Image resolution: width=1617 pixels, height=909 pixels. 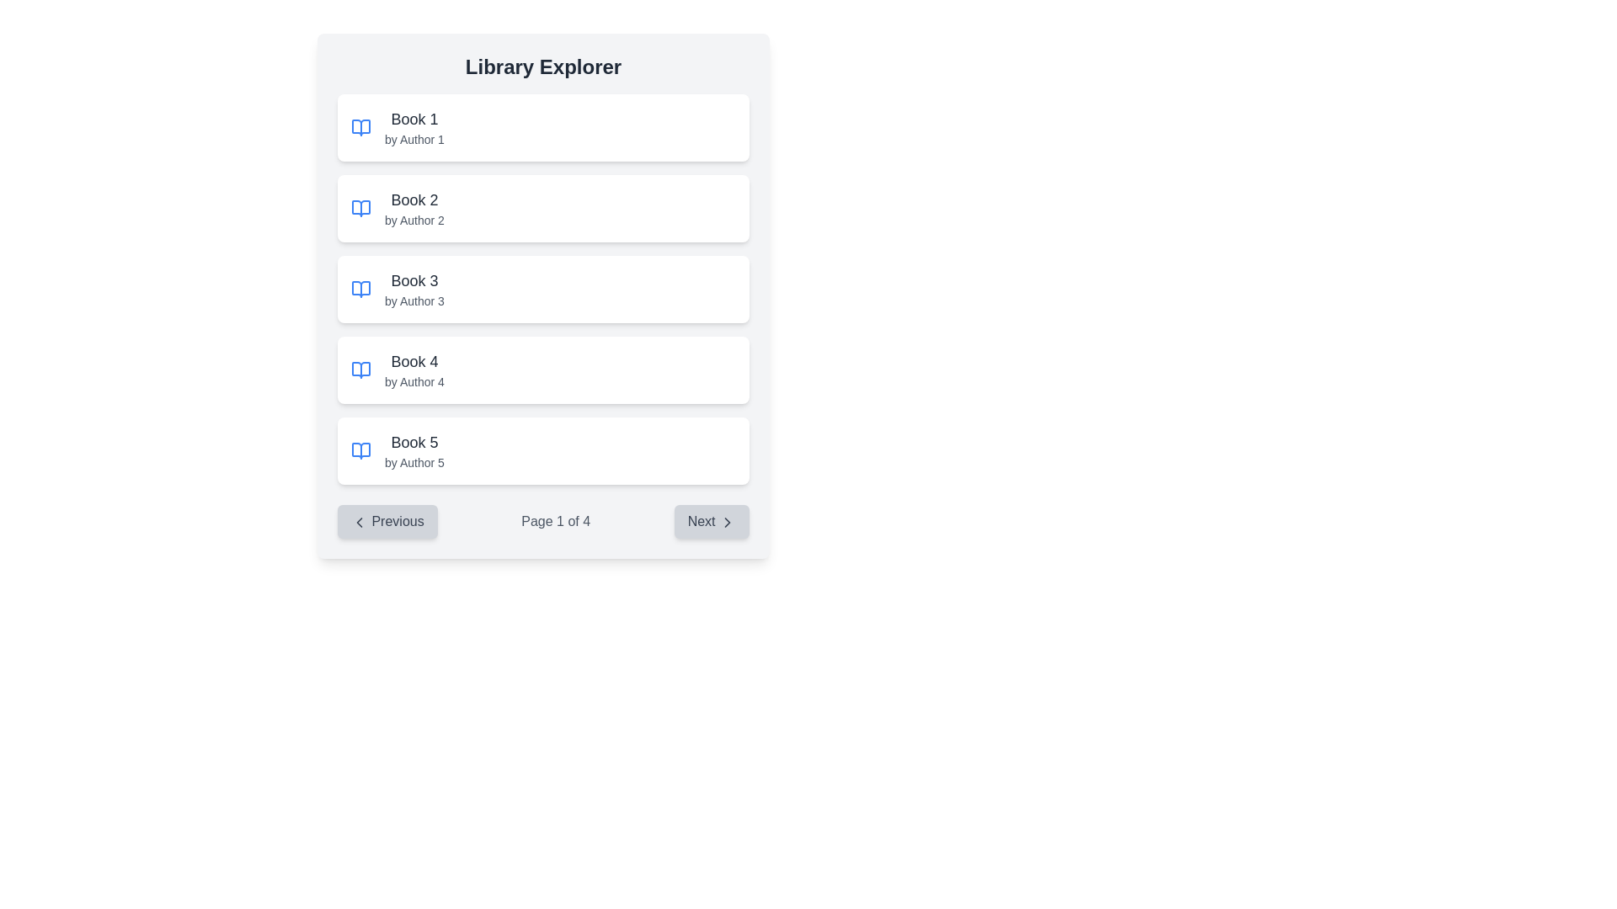 What do you see at coordinates (360, 207) in the screenshot?
I see `the SVG icon representing an open book, which is the second item in a vertical list of book entries` at bounding box center [360, 207].